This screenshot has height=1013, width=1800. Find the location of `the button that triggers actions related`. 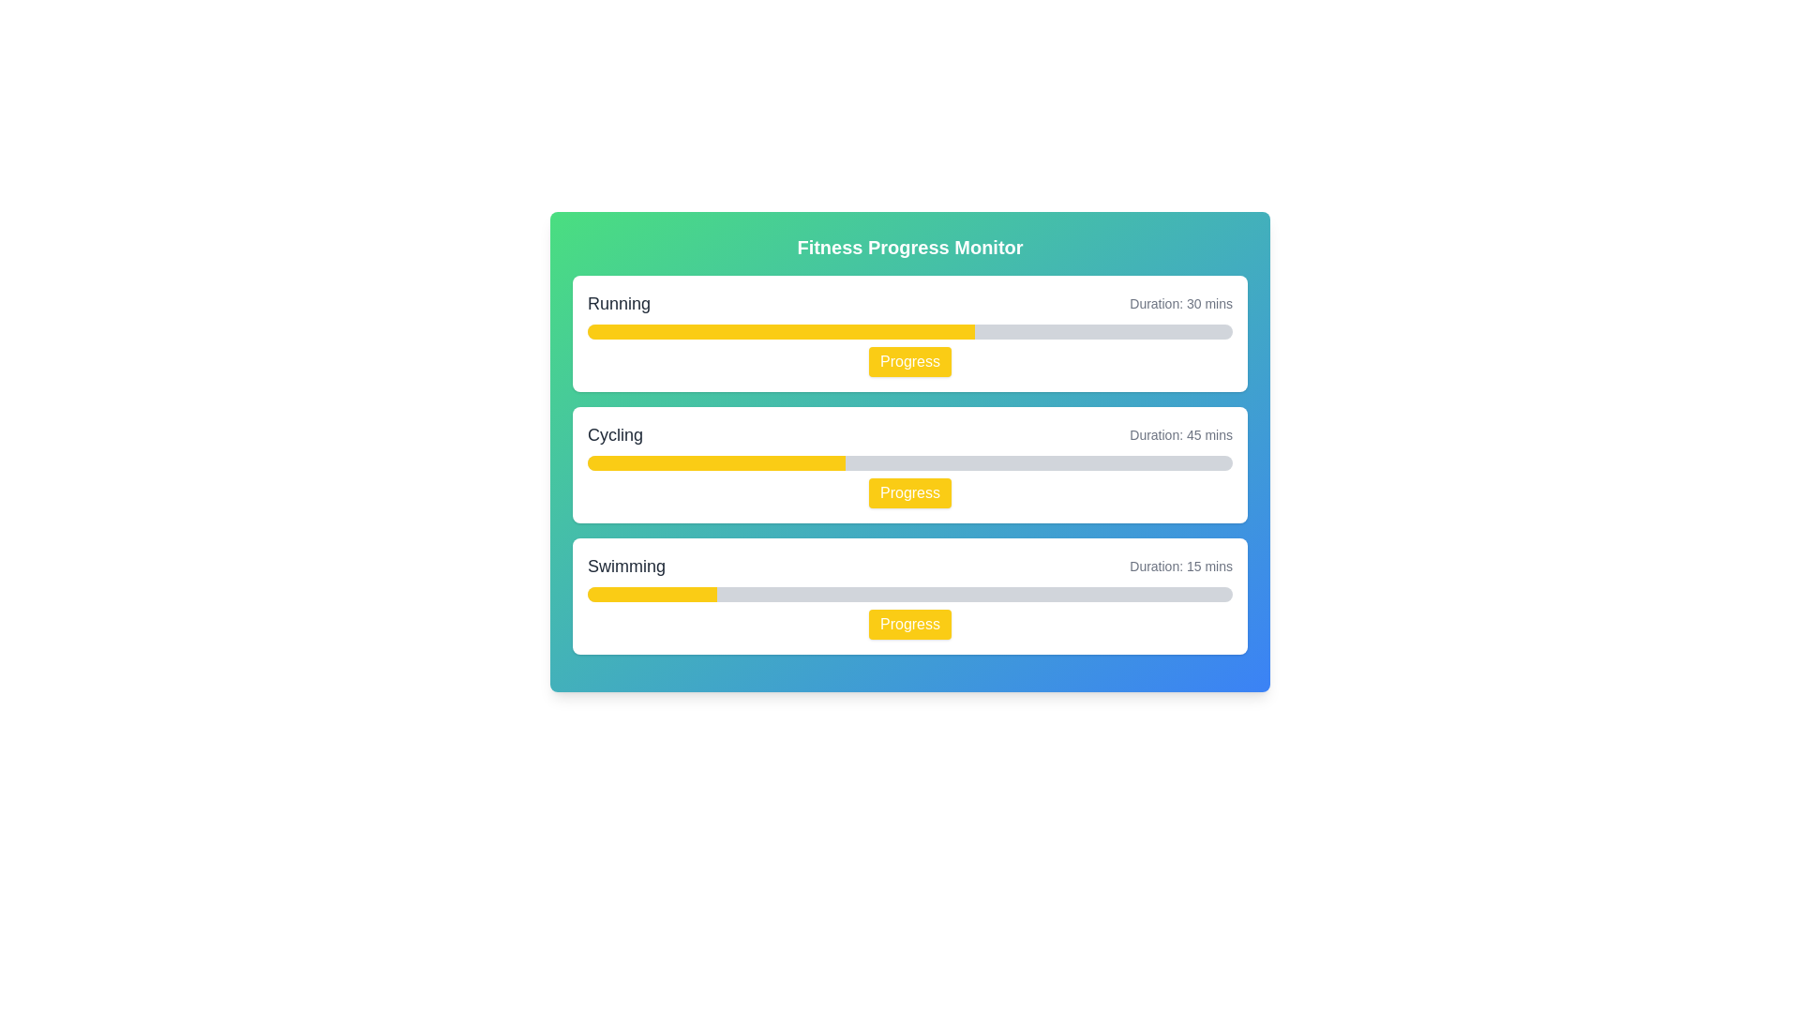

the button that triggers actions related is located at coordinates (909, 625).